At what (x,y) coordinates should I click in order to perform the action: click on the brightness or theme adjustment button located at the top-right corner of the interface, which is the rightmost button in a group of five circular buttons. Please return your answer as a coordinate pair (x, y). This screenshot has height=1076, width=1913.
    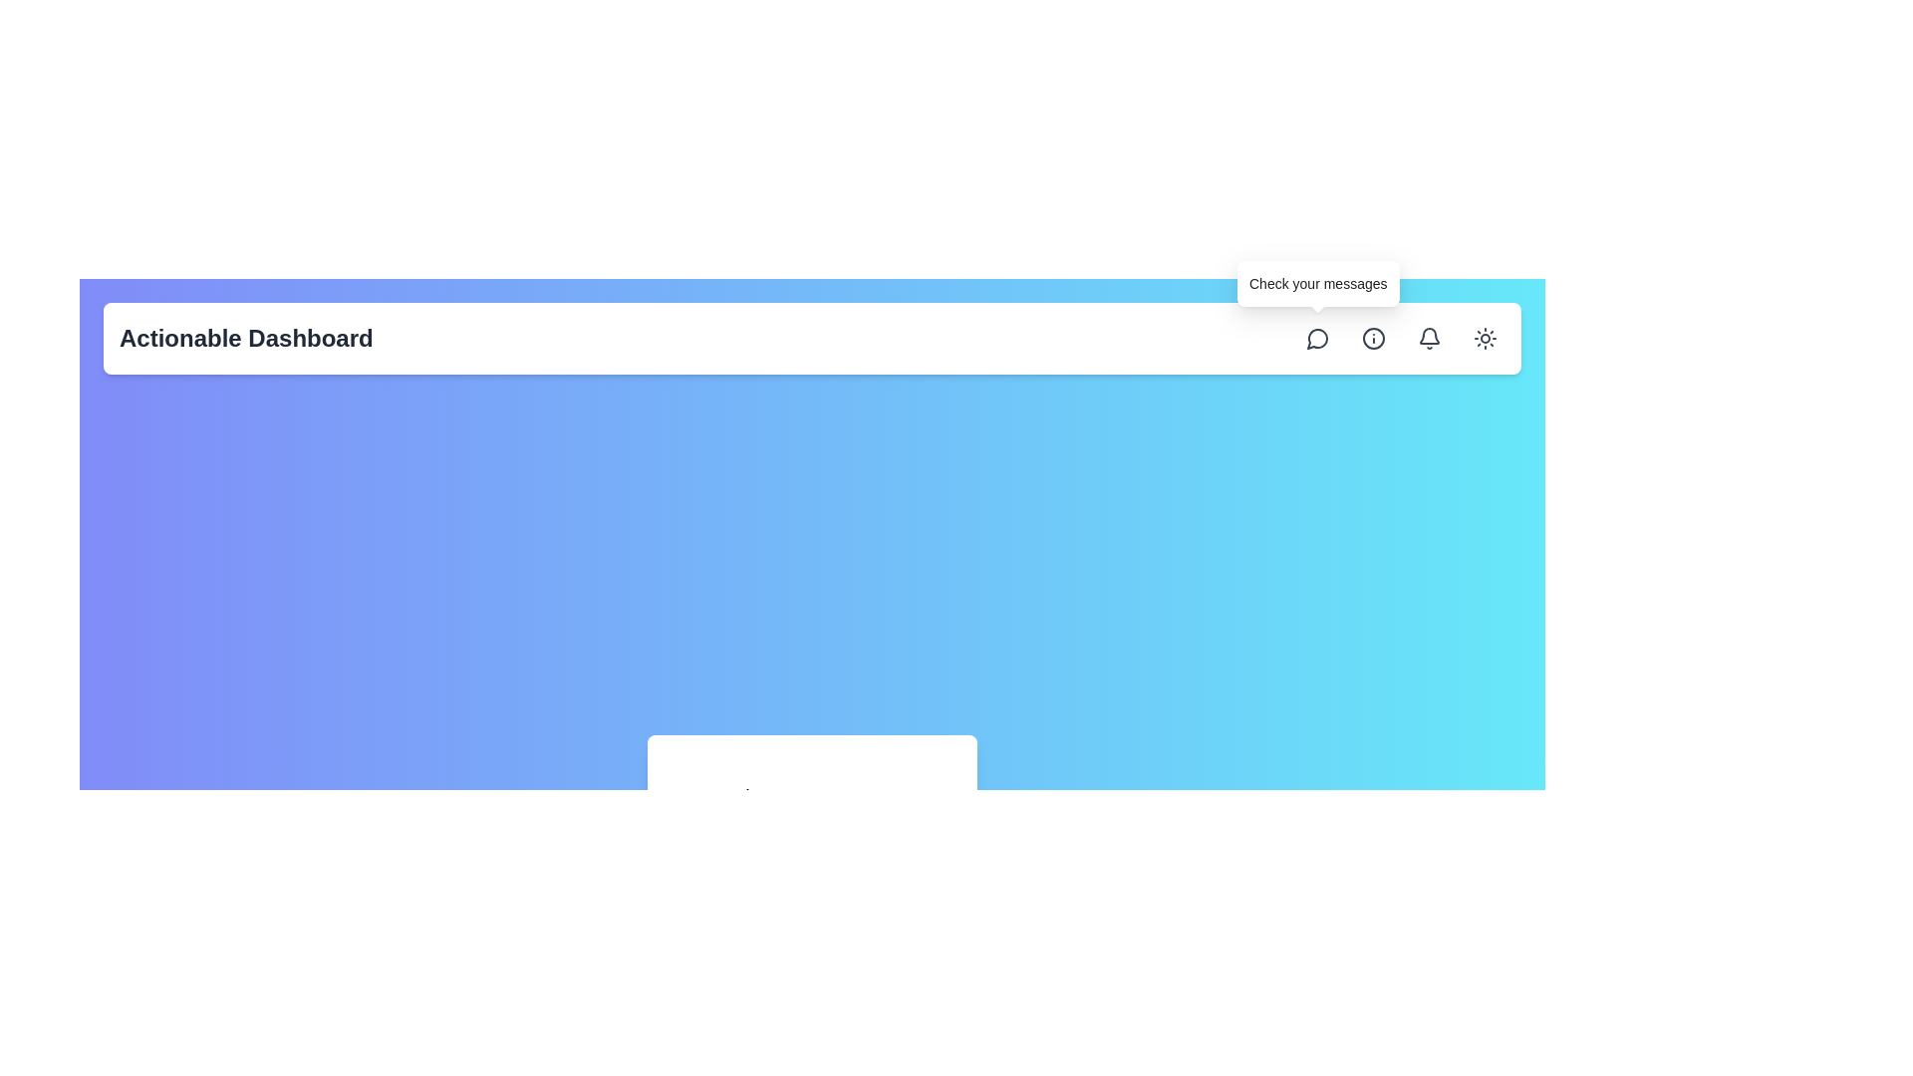
    Looking at the image, I should click on (1486, 337).